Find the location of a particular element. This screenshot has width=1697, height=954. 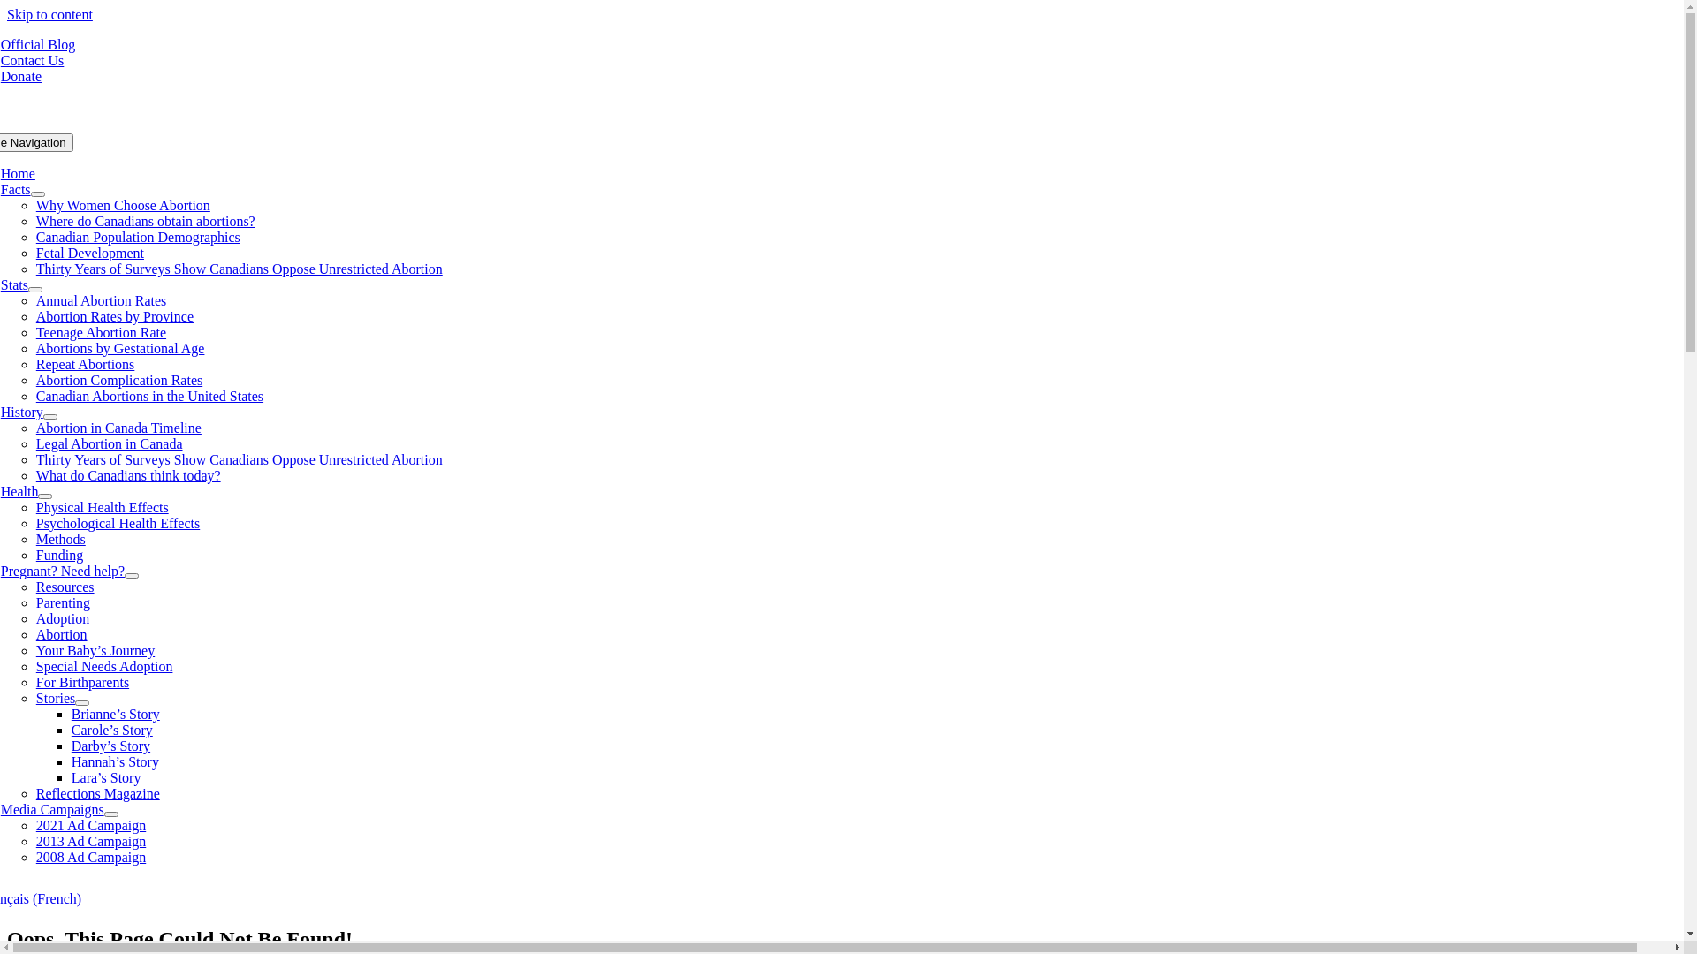

'2008 Ad Campaign' is located at coordinates (89, 856).